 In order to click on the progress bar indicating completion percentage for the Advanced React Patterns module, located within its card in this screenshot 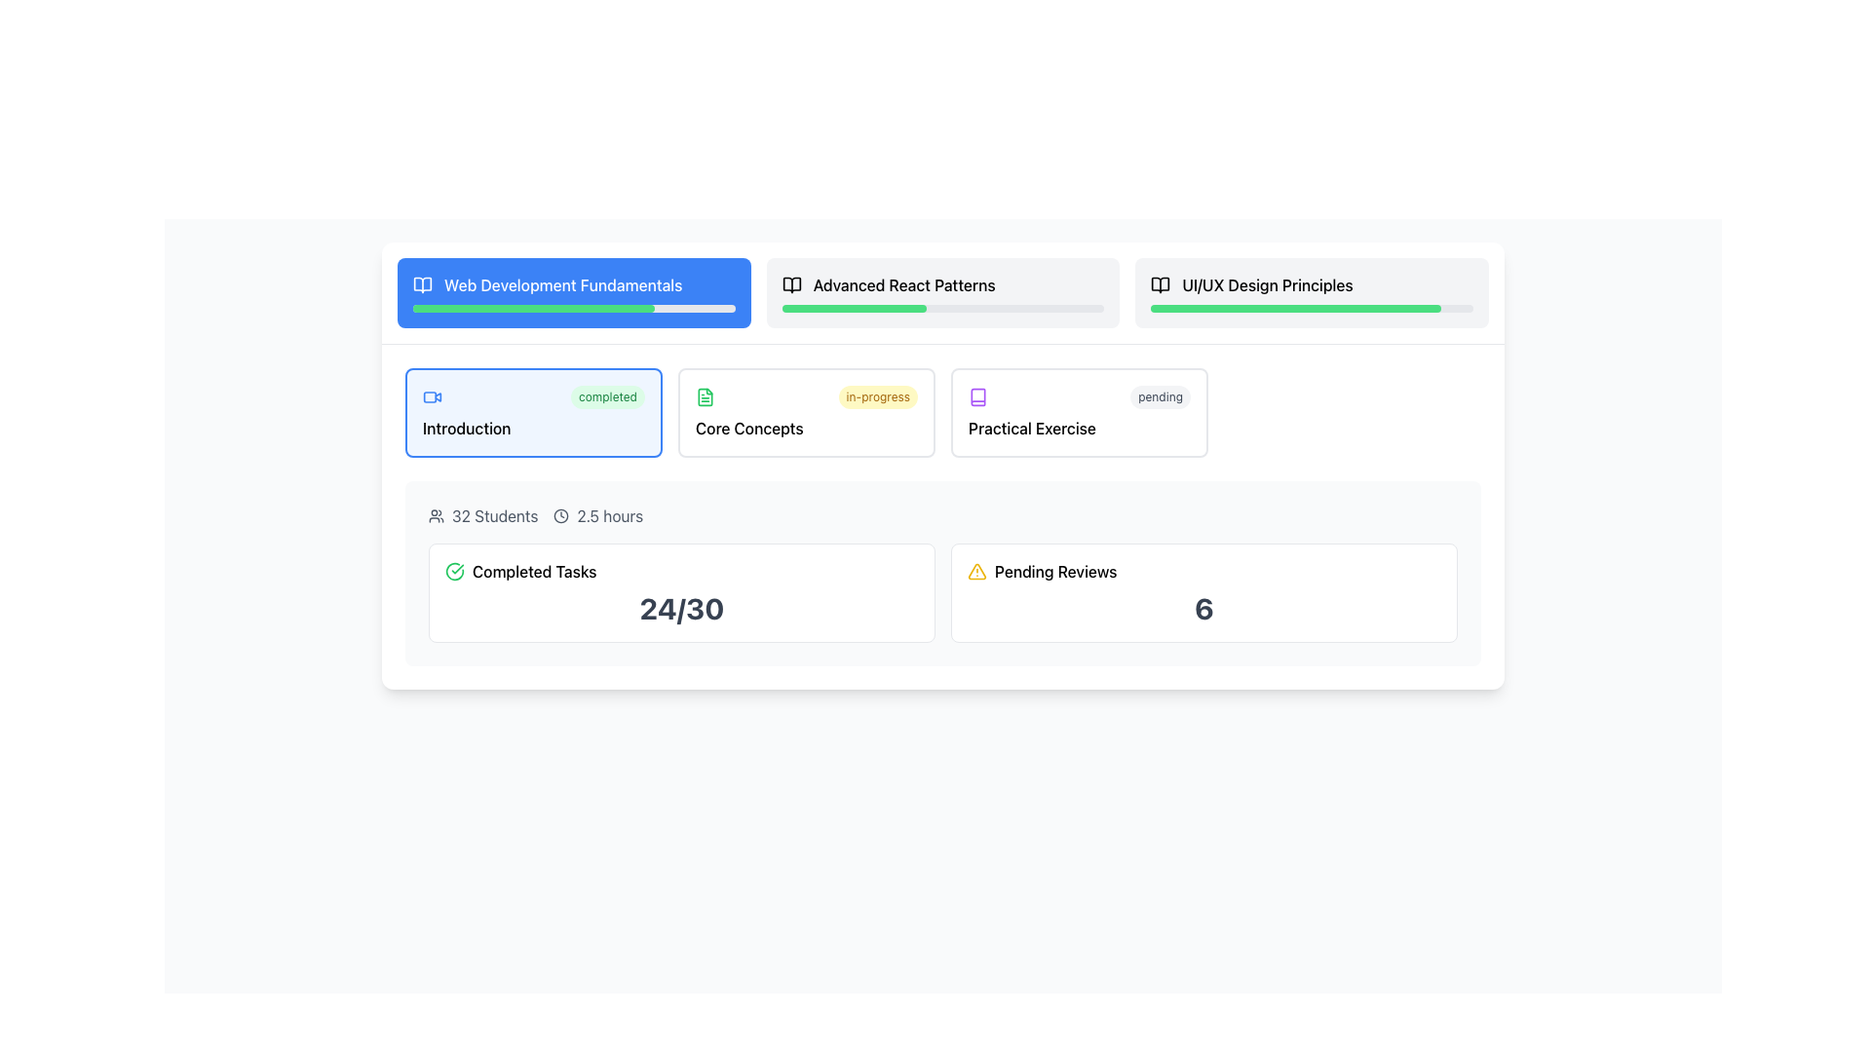, I will do `click(943, 307)`.